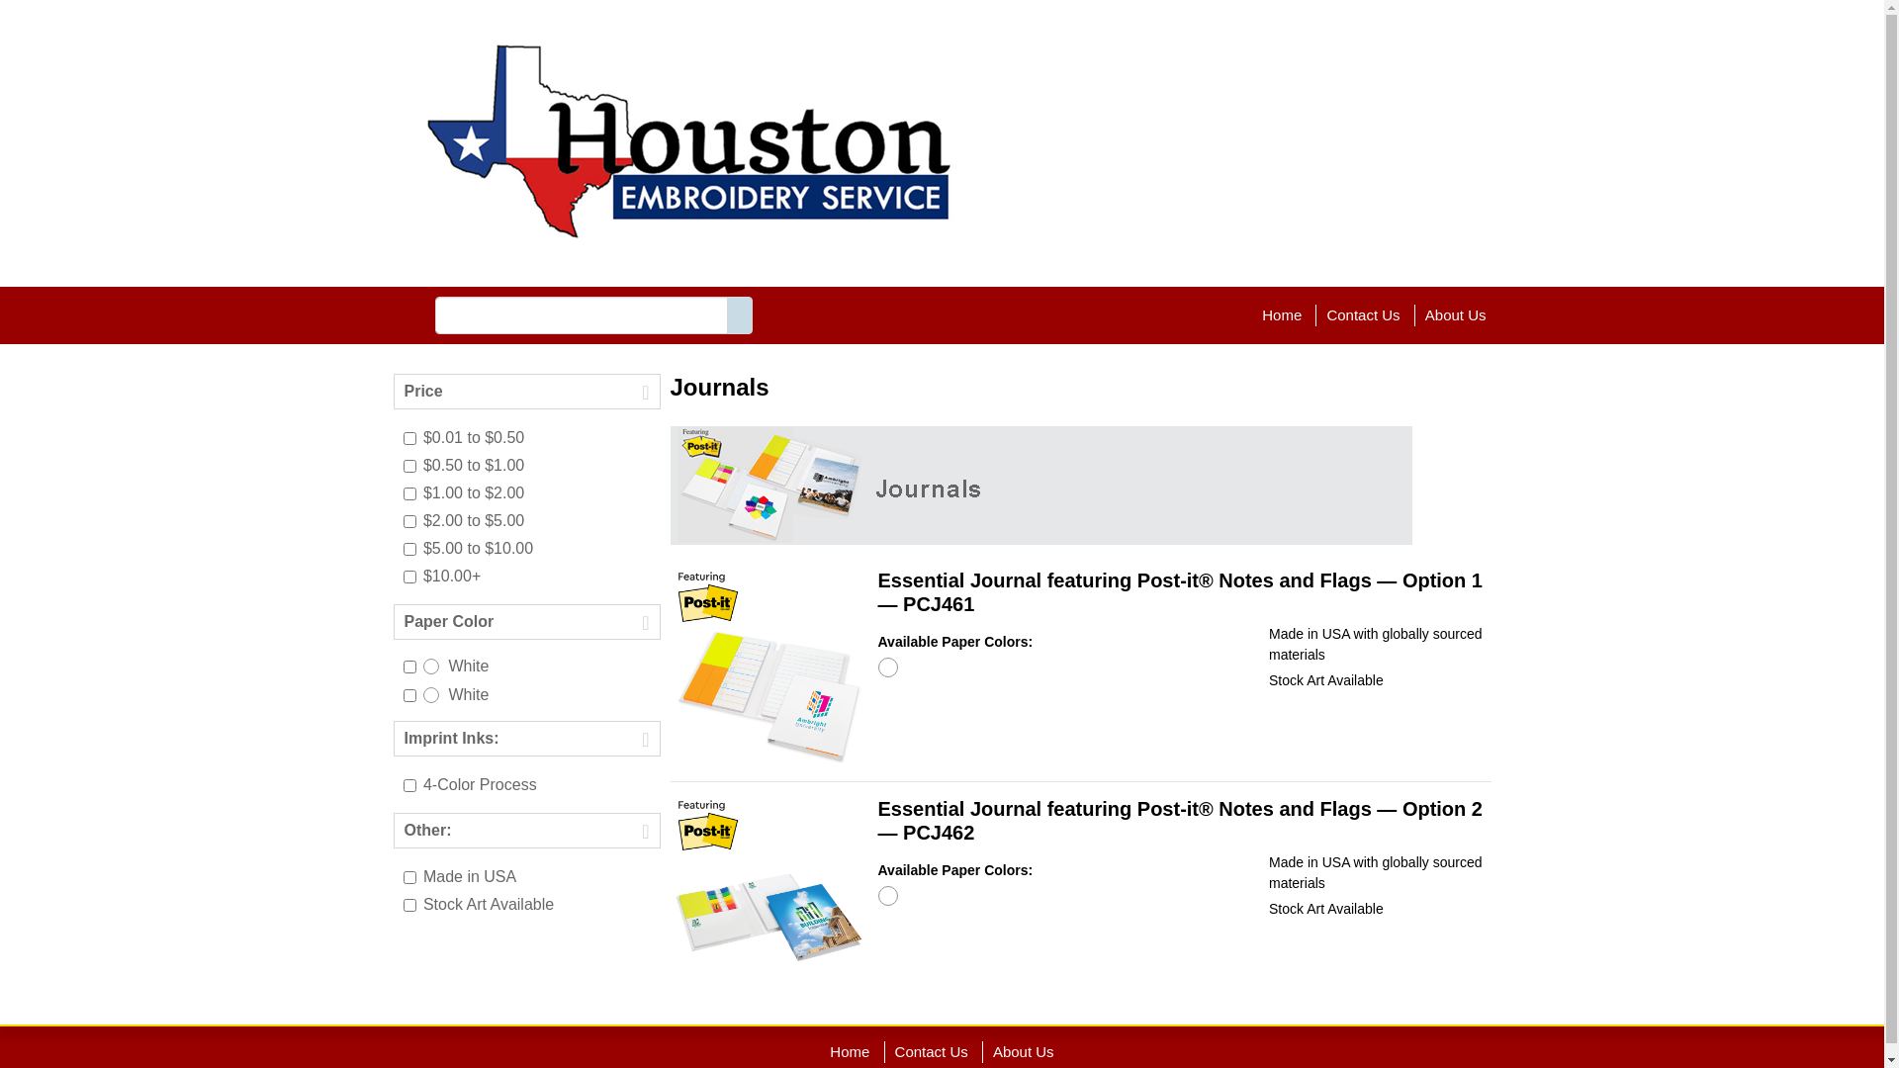 The height and width of the screenshot is (1068, 1899). I want to click on 'About Us', so click(1456, 313).